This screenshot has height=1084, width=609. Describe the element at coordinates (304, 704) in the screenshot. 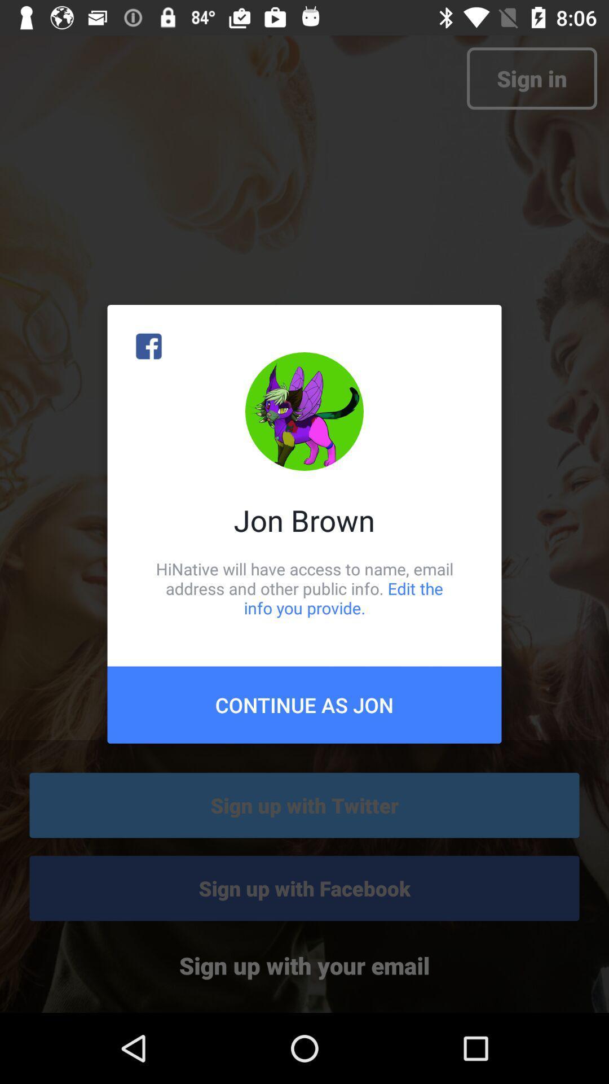

I see `continue as jon` at that location.